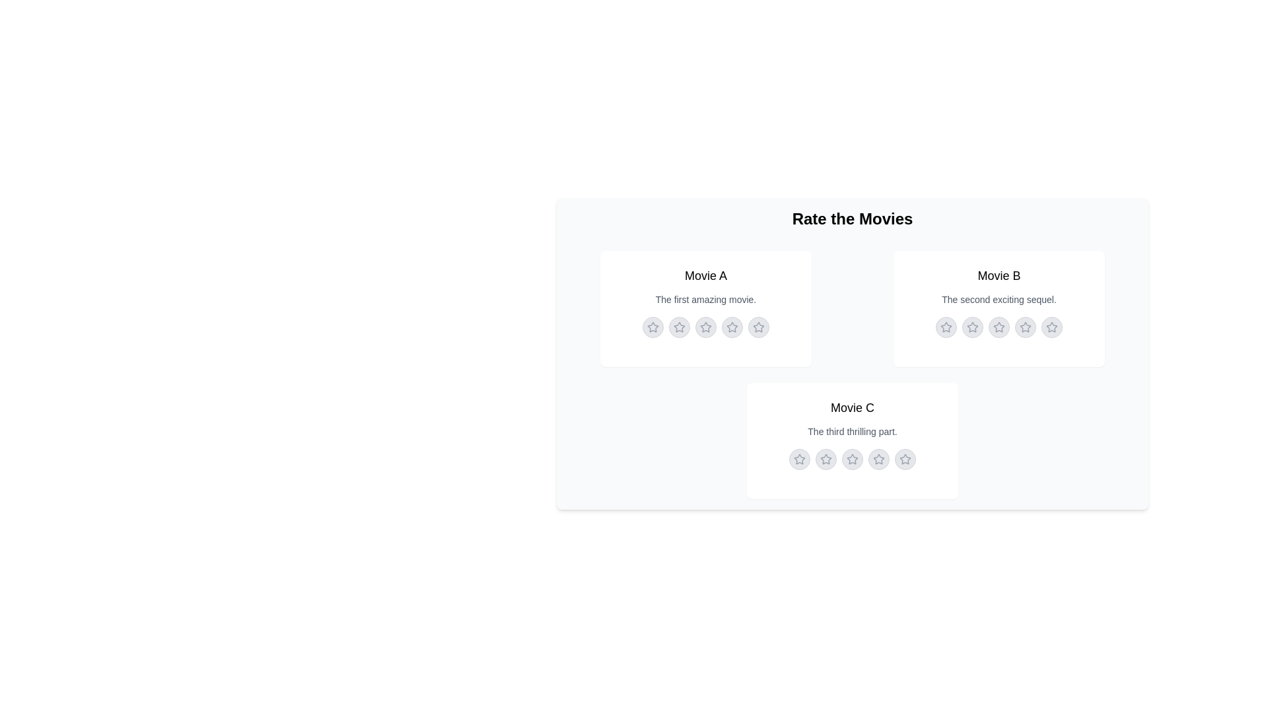  Describe the element at coordinates (878, 458) in the screenshot. I see `the fourth star icon in the star rating system under 'Movie C' to assign a rating` at that location.